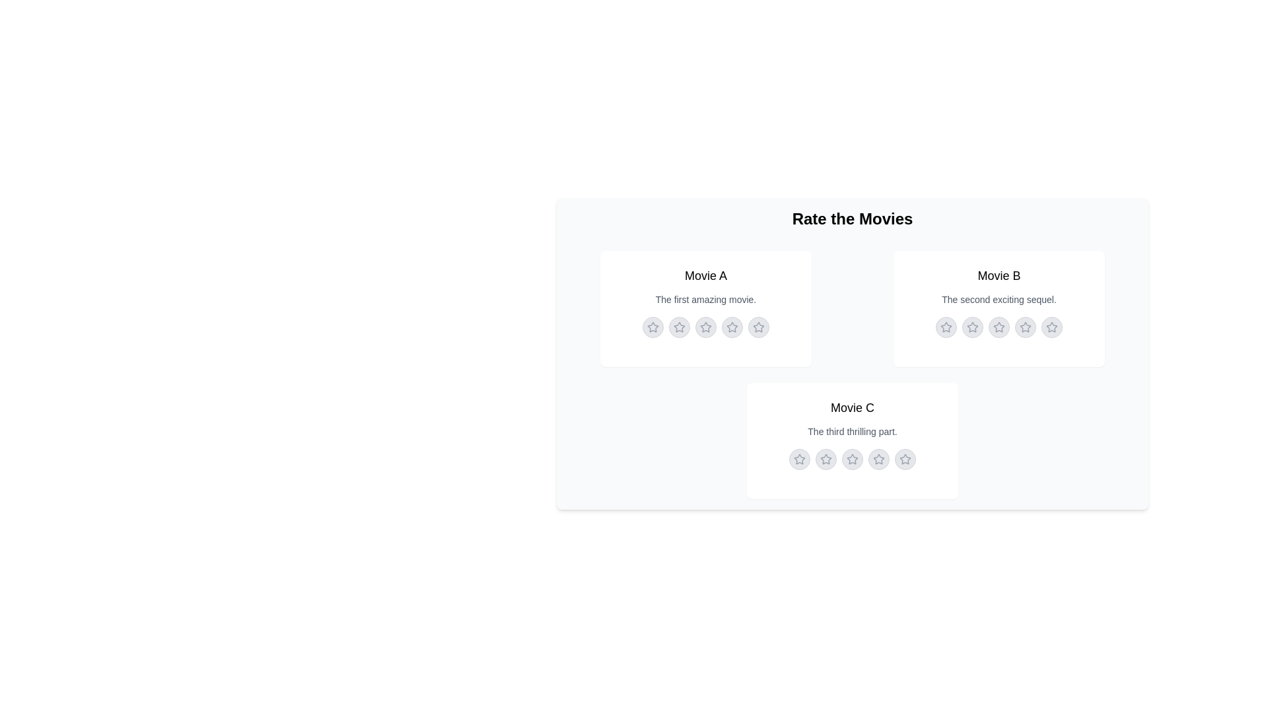  Describe the element at coordinates (878, 458) in the screenshot. I see `the fourth star icon in the star rating system under 'Movie C' to assign a rating` at that location.